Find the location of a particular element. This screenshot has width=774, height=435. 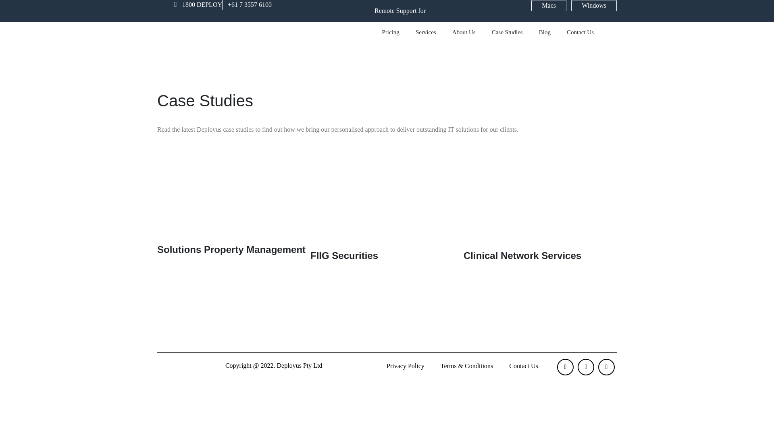

'Pricing' is located at coordinates (391, 32).